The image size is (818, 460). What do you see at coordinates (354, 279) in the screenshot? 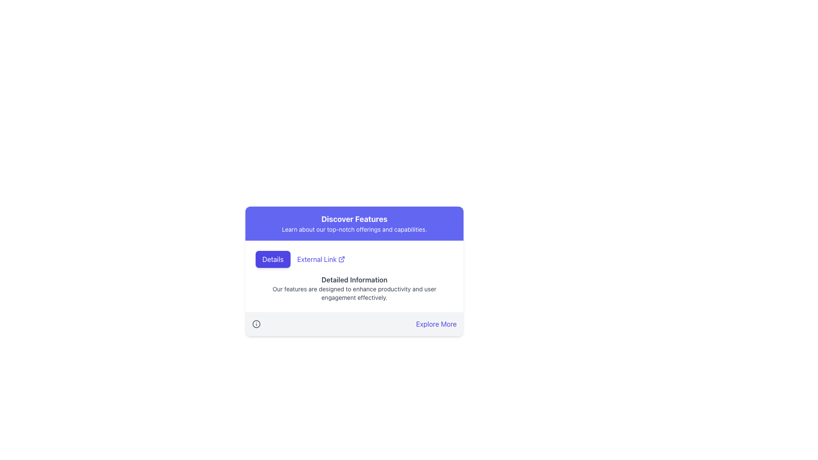
I see `text 'Detailed Information' which is styled in bold and located in the center of a card-like component, positioned above a smaller descriptive text block` at bounding box center [354, 279].